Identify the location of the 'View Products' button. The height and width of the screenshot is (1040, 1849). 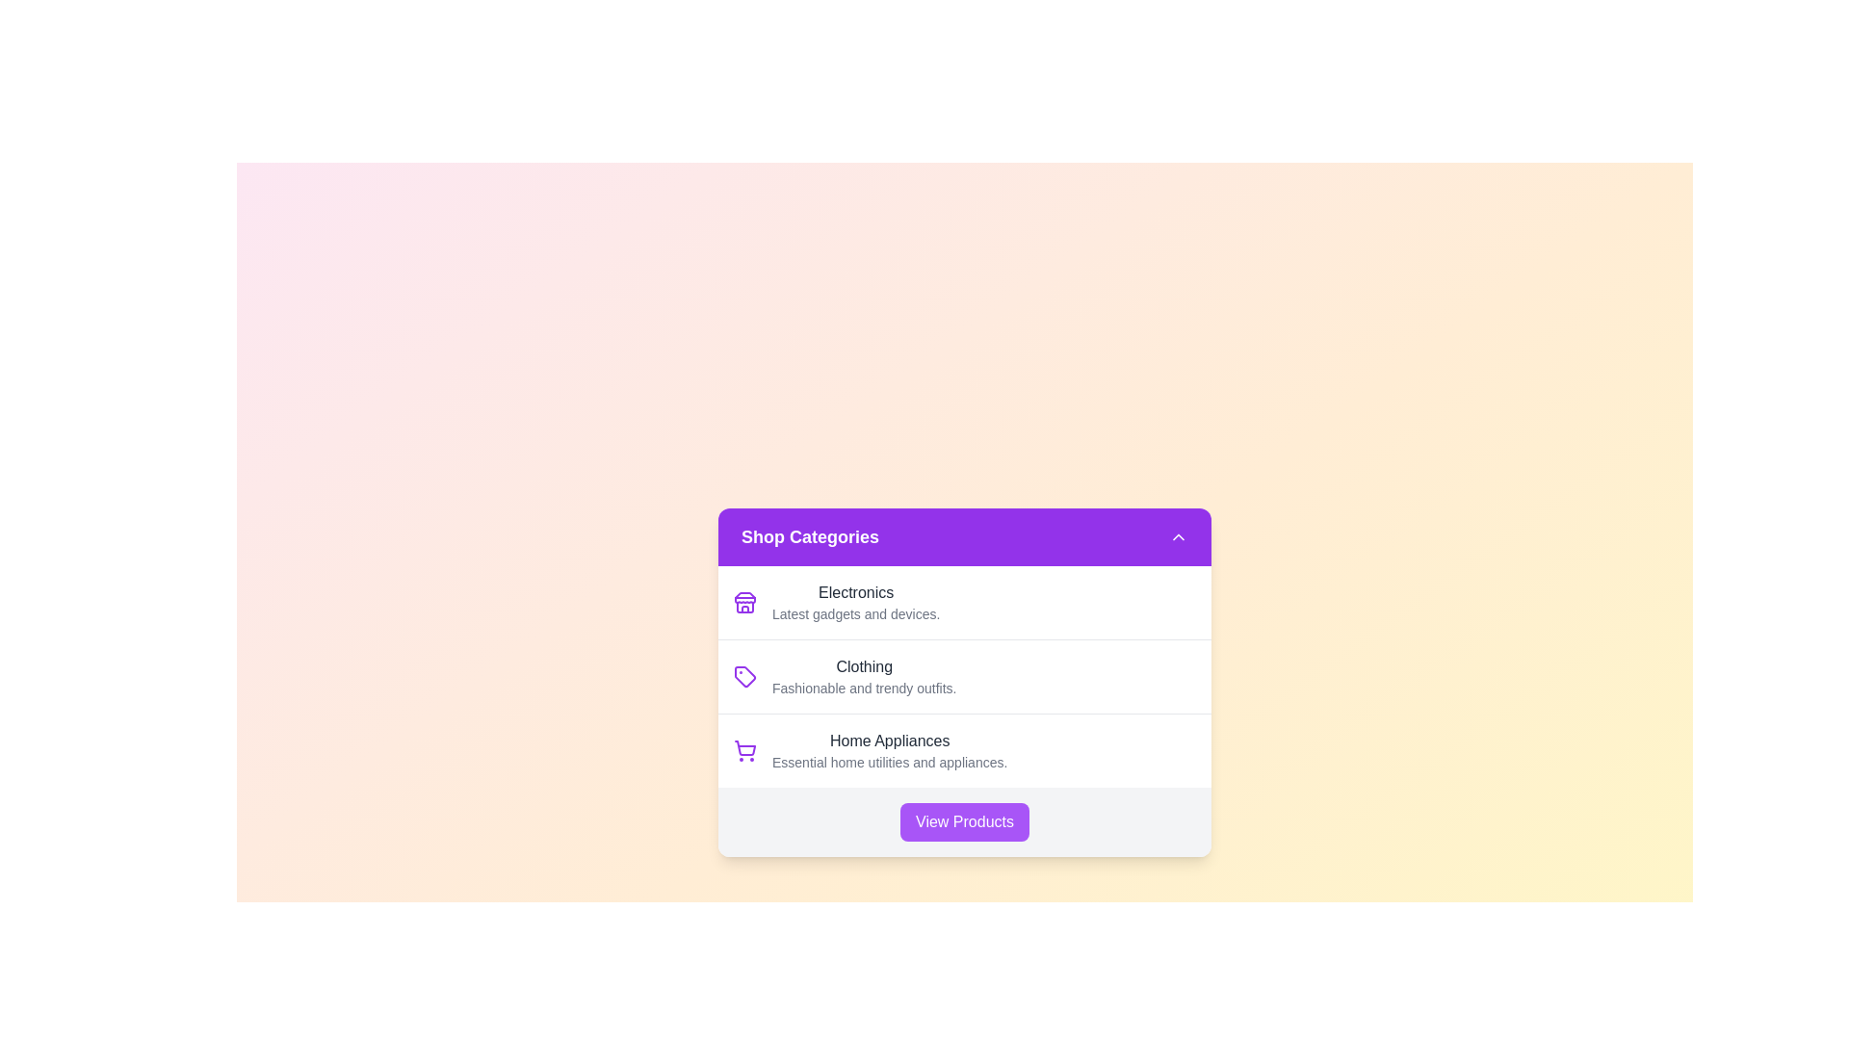
(965, 821).